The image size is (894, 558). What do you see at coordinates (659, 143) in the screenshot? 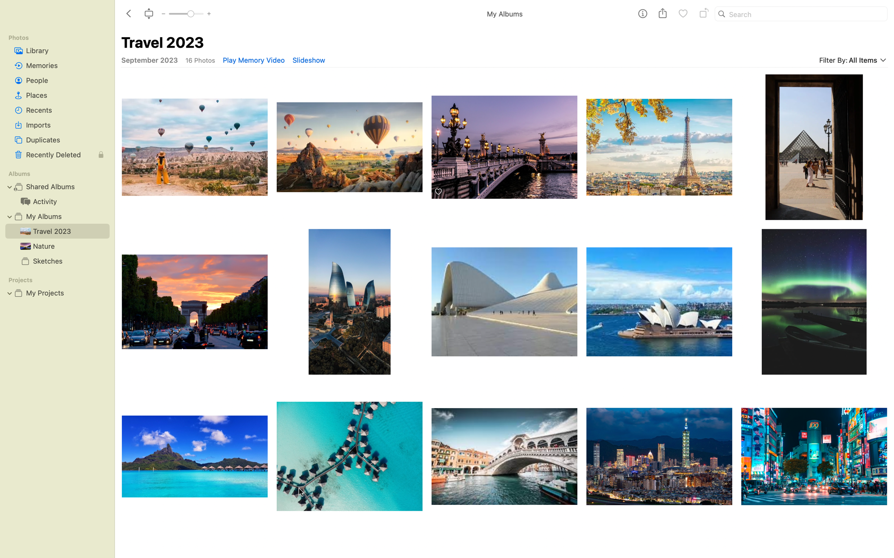
I see `Turn Louvre image three times` at bounding box center [659, 143].